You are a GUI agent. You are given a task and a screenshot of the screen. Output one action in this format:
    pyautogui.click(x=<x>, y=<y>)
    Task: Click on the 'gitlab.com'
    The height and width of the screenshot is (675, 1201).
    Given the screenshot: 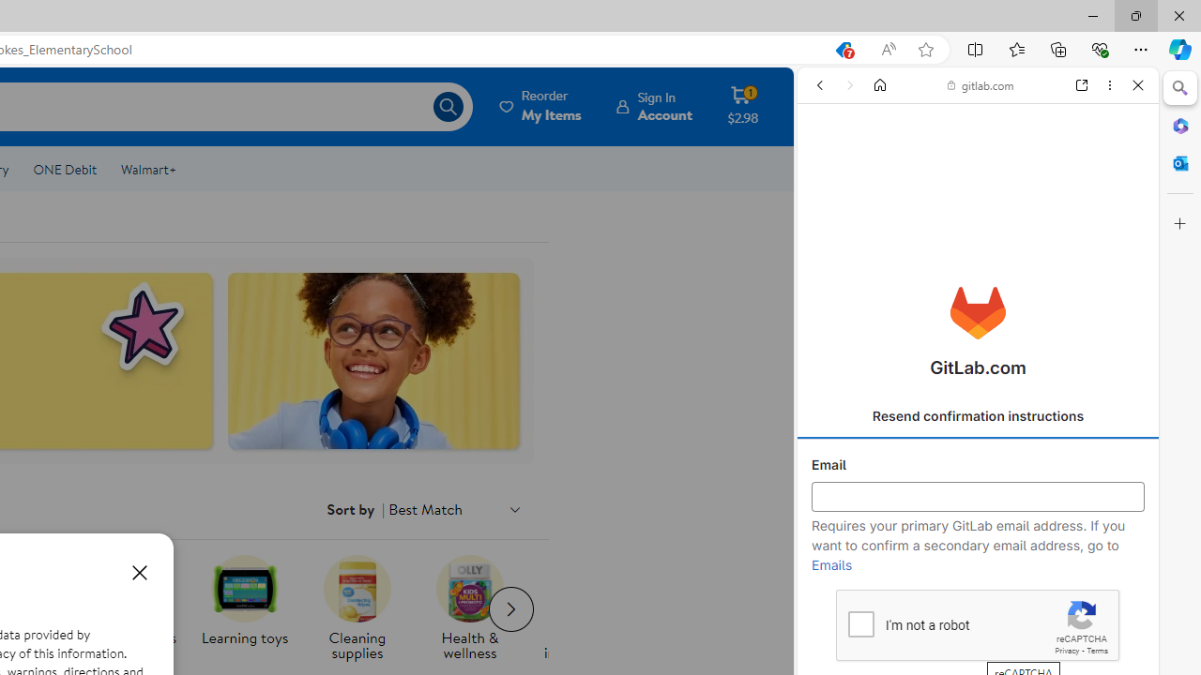 What is the action you would take?
    pyautogui.click(x=980, y=85)
    